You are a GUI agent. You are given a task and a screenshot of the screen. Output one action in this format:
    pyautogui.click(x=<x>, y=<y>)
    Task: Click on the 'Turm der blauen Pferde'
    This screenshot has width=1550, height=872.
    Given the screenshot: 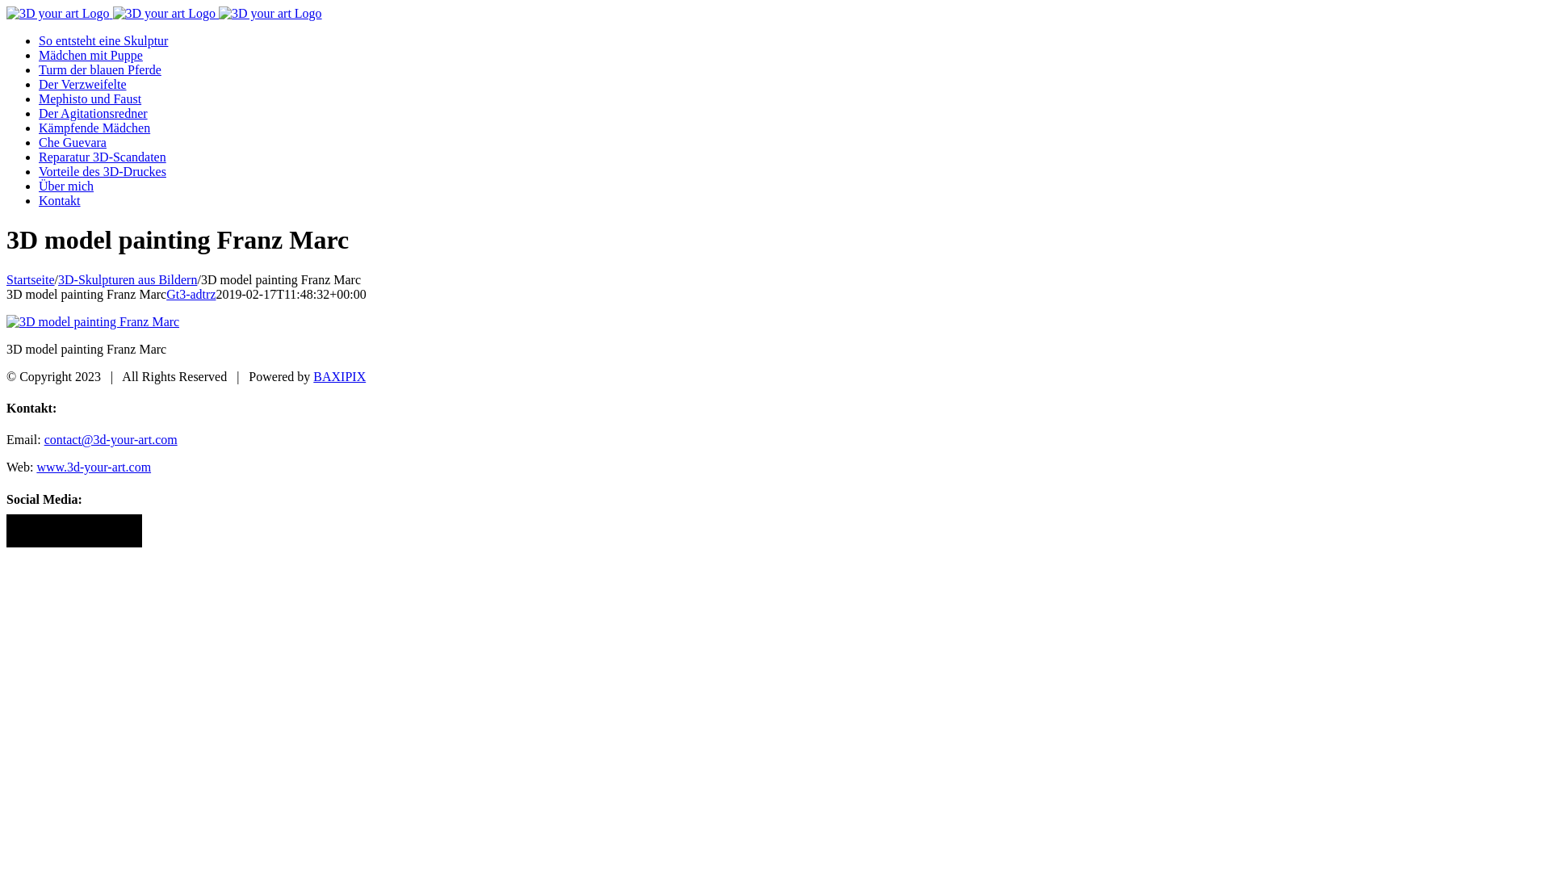 What is the action you would take?
    pyautogui.click(x=99, y=69)
    